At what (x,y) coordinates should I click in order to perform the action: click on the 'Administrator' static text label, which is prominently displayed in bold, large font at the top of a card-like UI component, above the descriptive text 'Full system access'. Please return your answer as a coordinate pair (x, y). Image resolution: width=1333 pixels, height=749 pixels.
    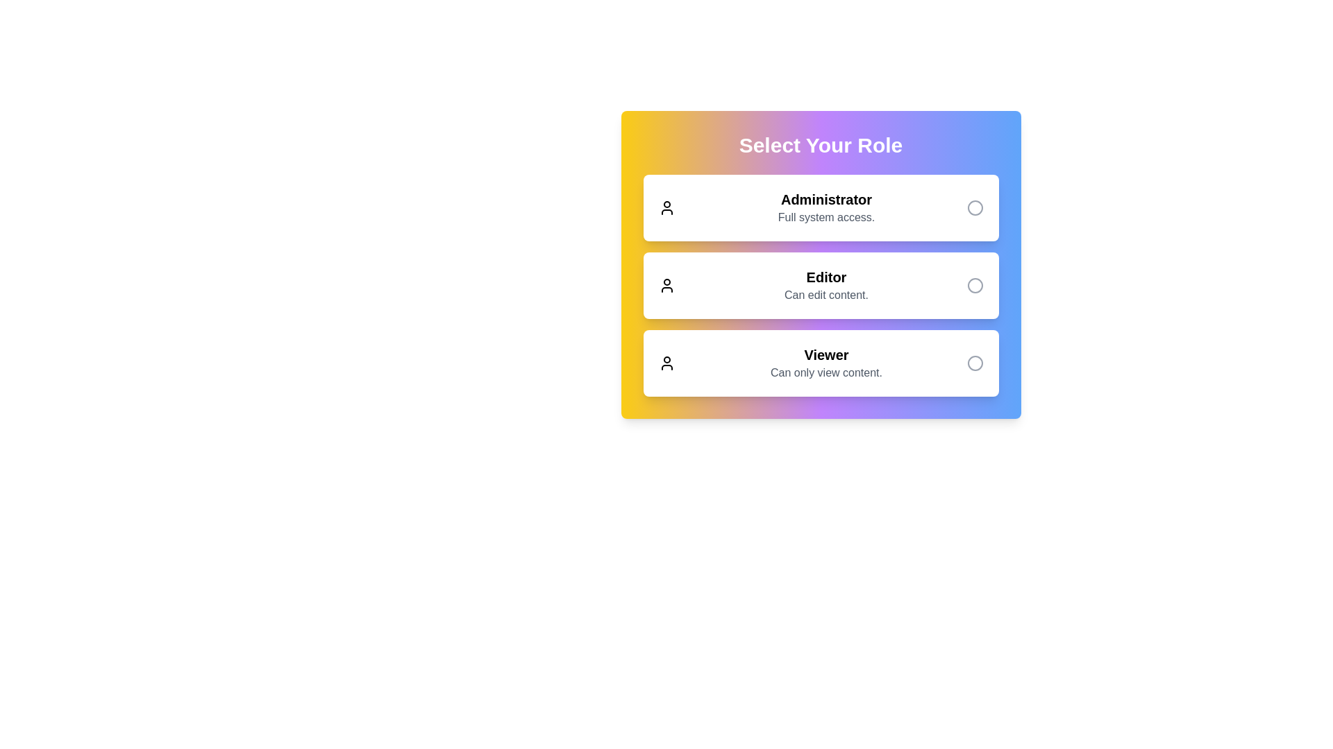
    Looking at the image, I should click on (826, 200).